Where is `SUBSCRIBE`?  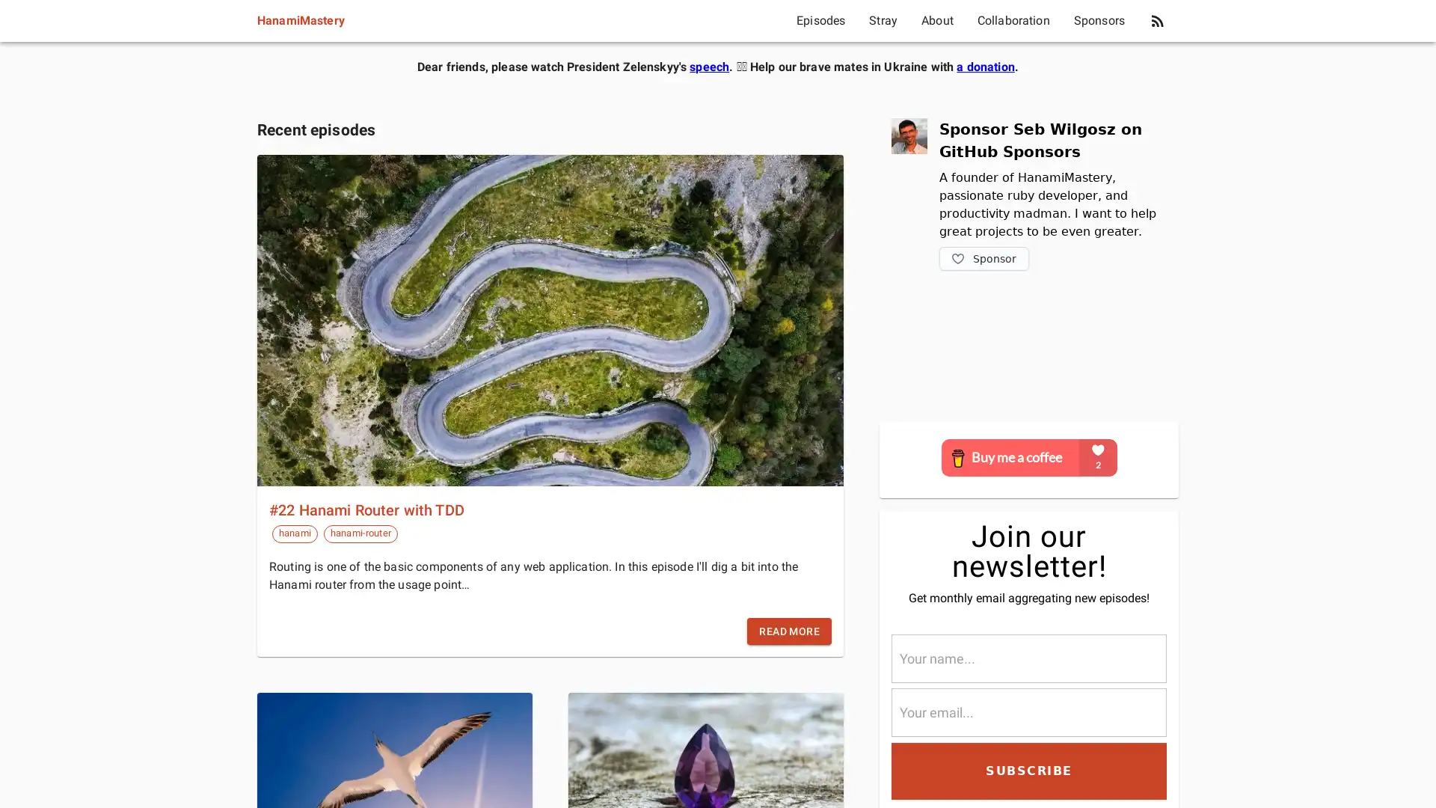 SUBSCRIBE is located at coordinates (1028, 770).